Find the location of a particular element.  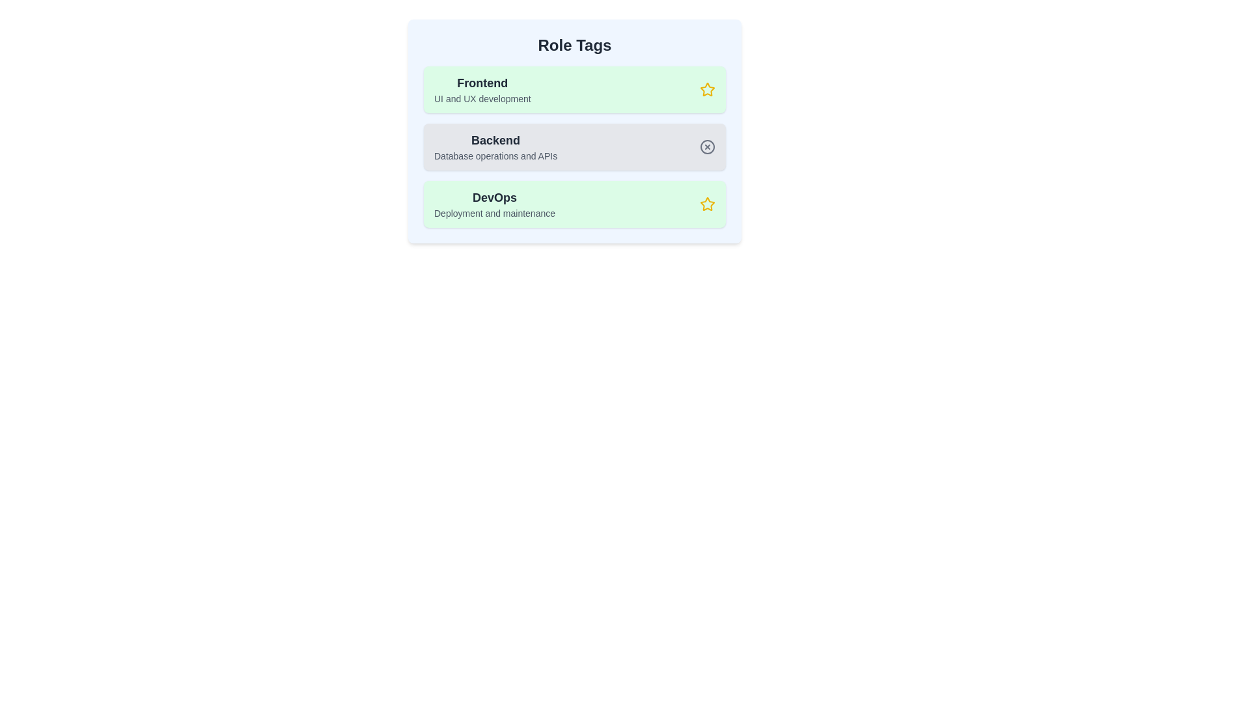

the tag labeled 'DevOps' to trigger its animation effect is located at coordinates (574, 204).